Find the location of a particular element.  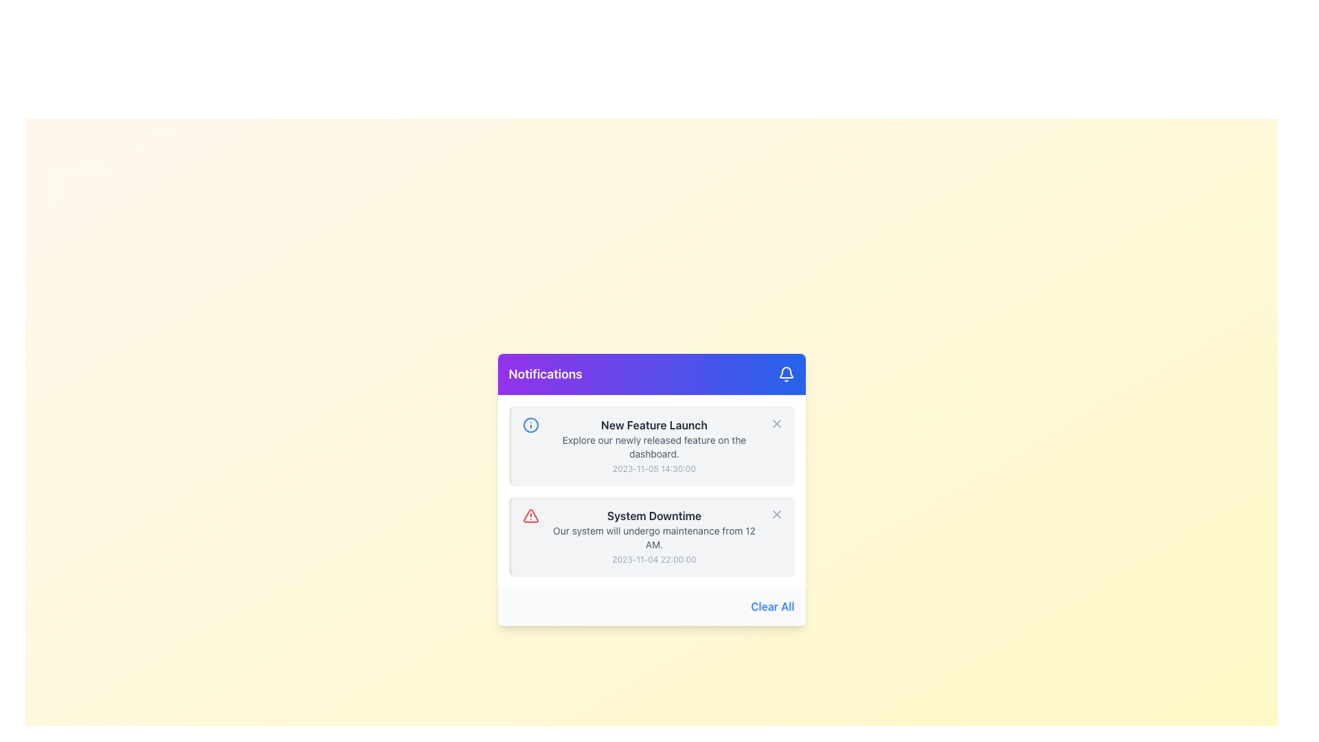

text label displaying 'New Feature Launch' located at the top of the notification card in the notifications panel is located at coordinates (653, 424).